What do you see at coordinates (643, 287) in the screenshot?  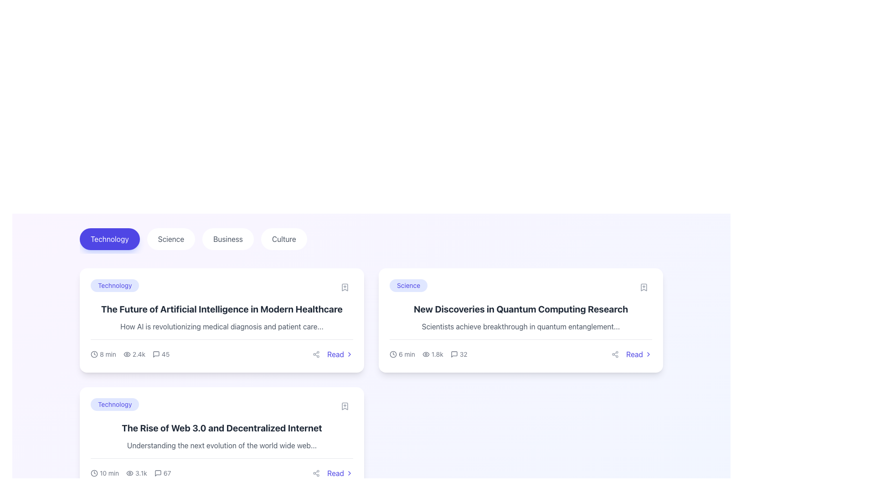 I see `the bookmark icon button located at the top-right corner of the article card titled 'New Discoveries in Quantum Computing Research'` at bounding box center [643, 287].